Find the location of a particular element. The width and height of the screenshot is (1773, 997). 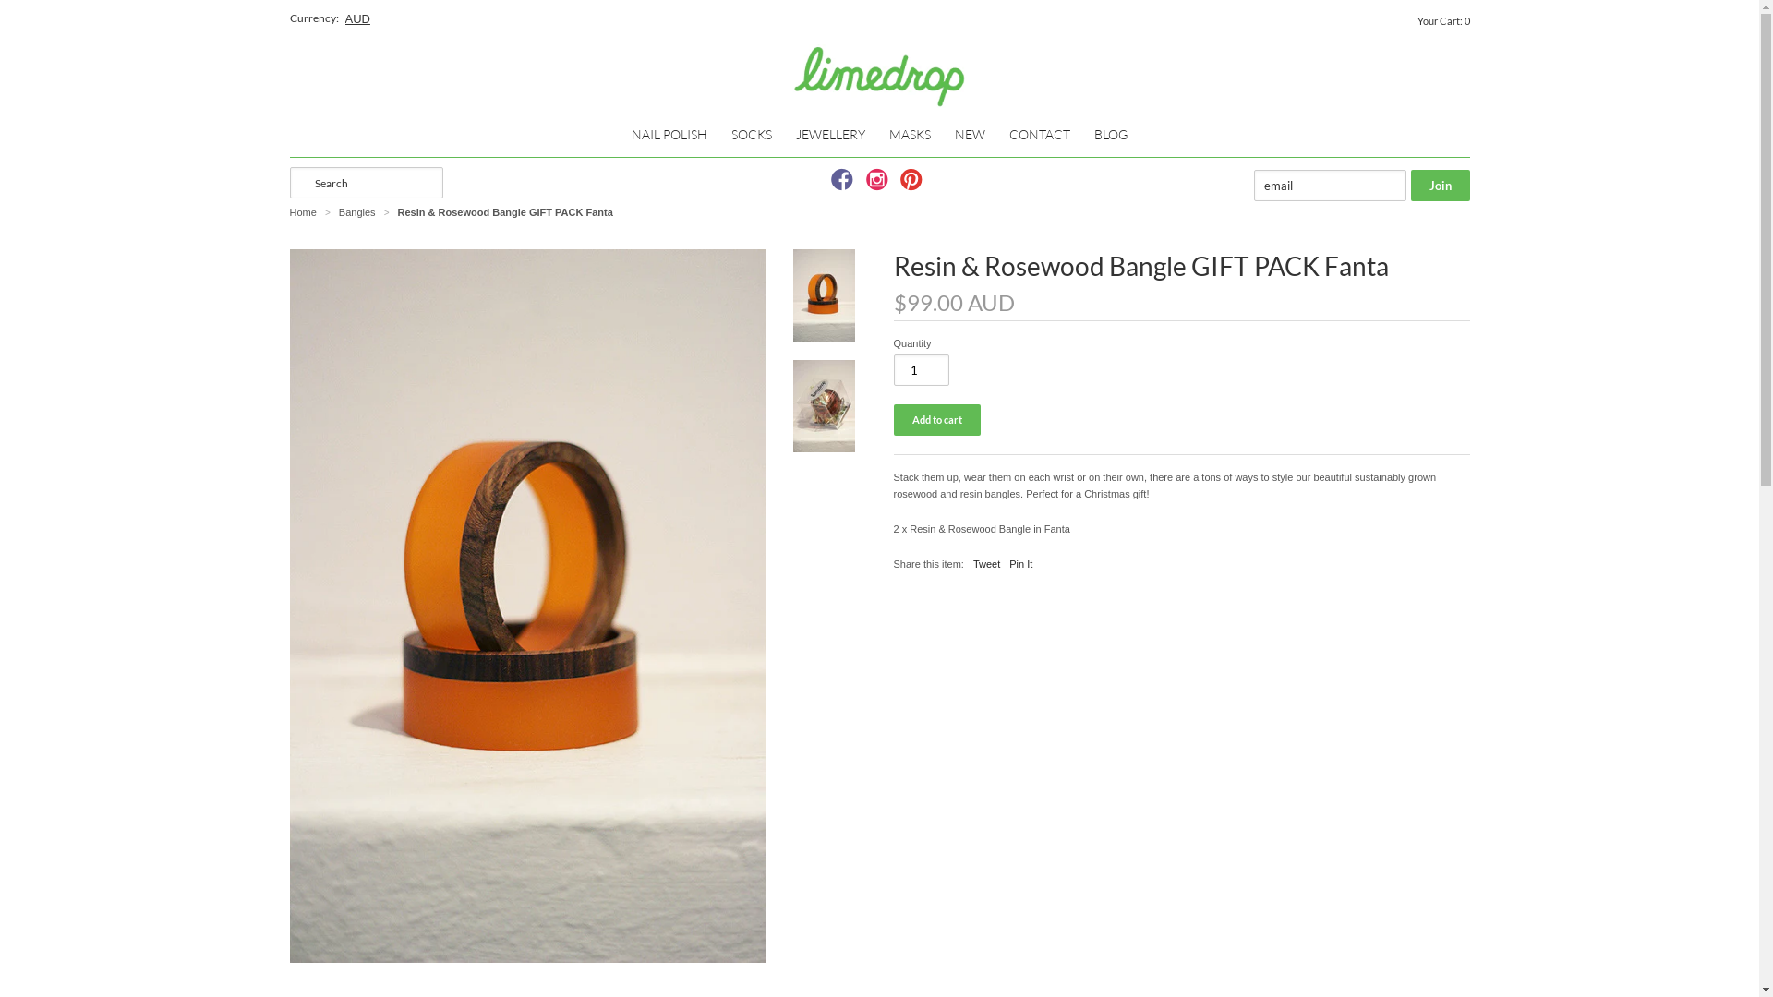

'CONTACT' is located at coordinates (1040, 134).